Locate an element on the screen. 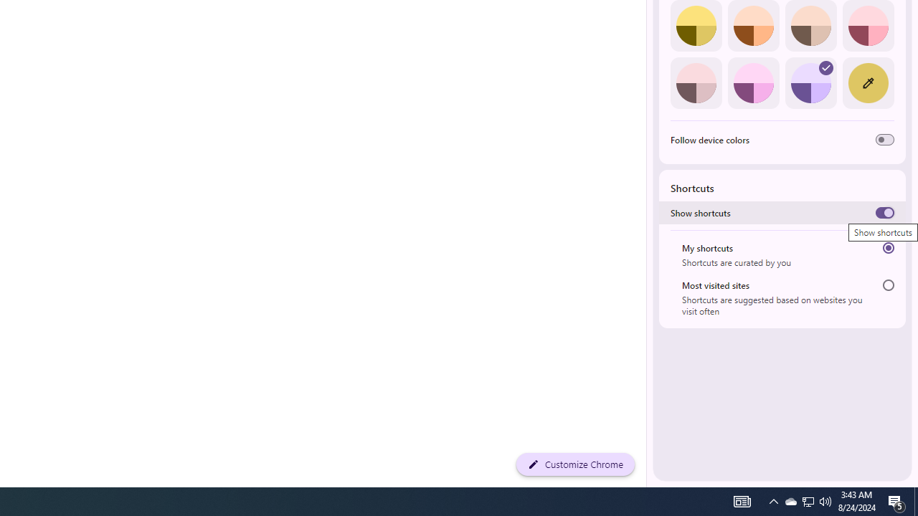 The height and width of the screenshot is (516, 918). 'Customize Chrome' is located at coordinates (574, 464).